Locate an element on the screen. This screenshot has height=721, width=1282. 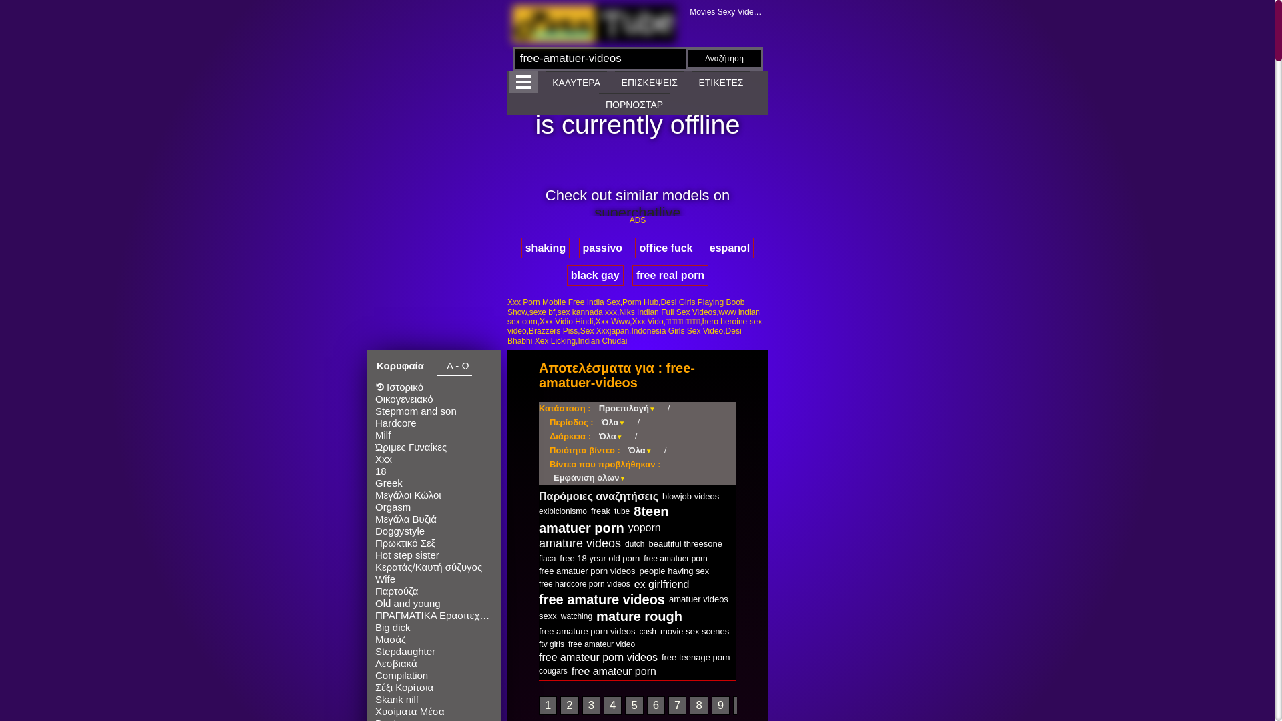
'free 18 year old porn' is located at coordinates (598, 558).